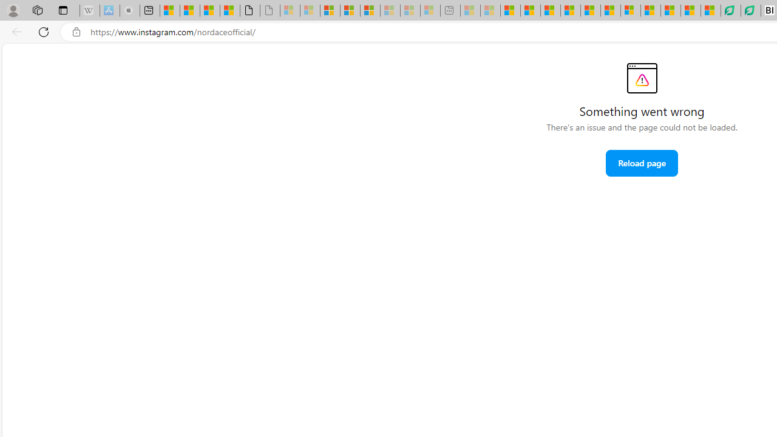  Describe the element at coordinates (570, 10) in the screenshot. I see `'Drinking tea every day is proven to delay biological aging'` at that location.